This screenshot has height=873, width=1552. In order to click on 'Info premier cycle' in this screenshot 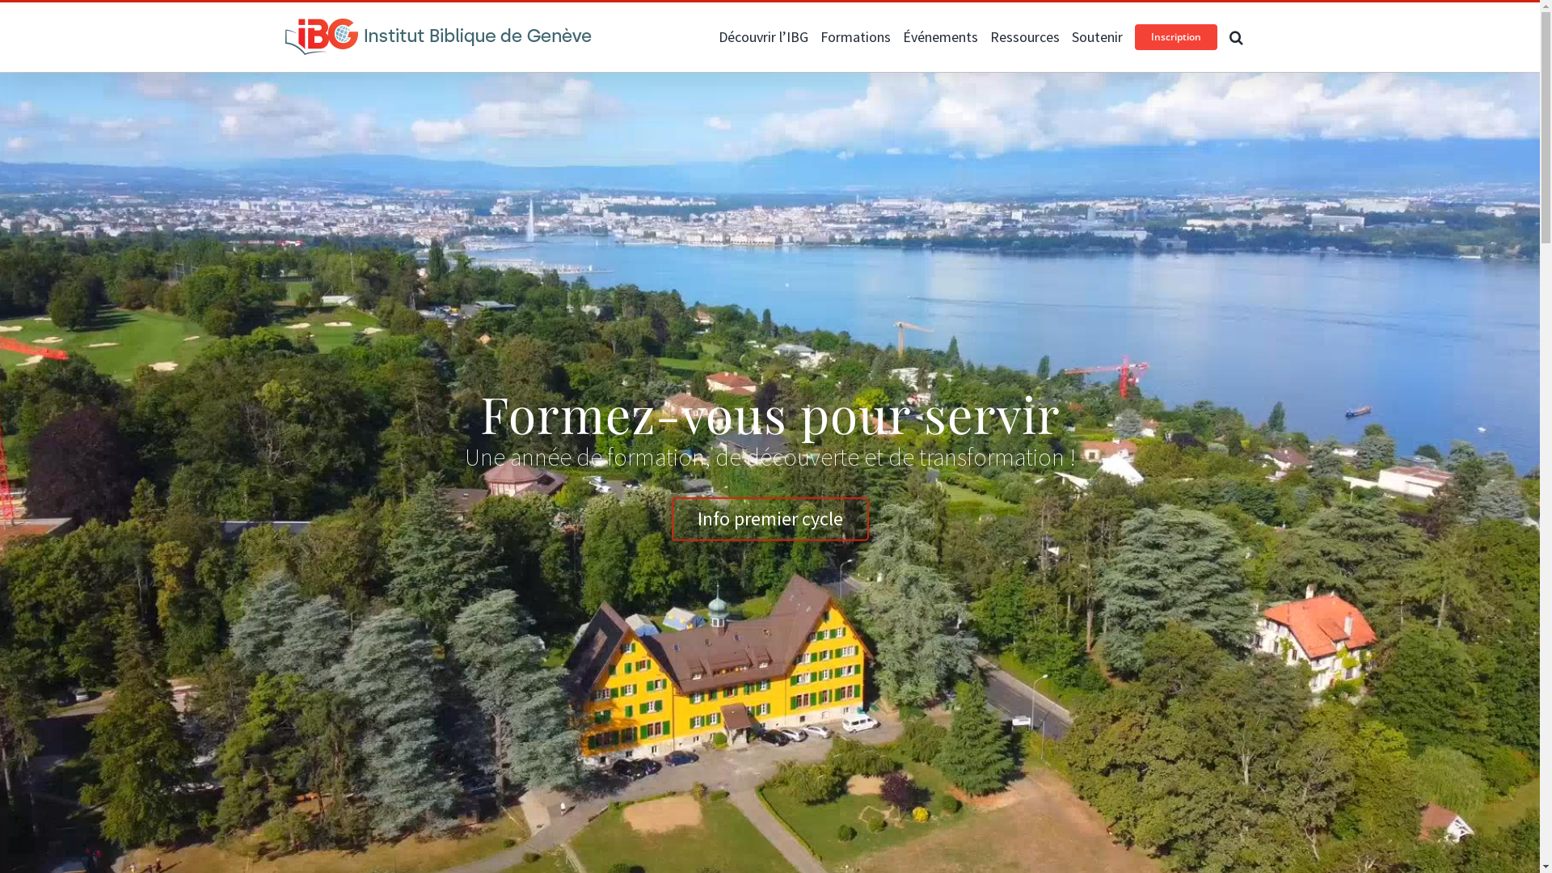, I will do `click(768, 518)`.